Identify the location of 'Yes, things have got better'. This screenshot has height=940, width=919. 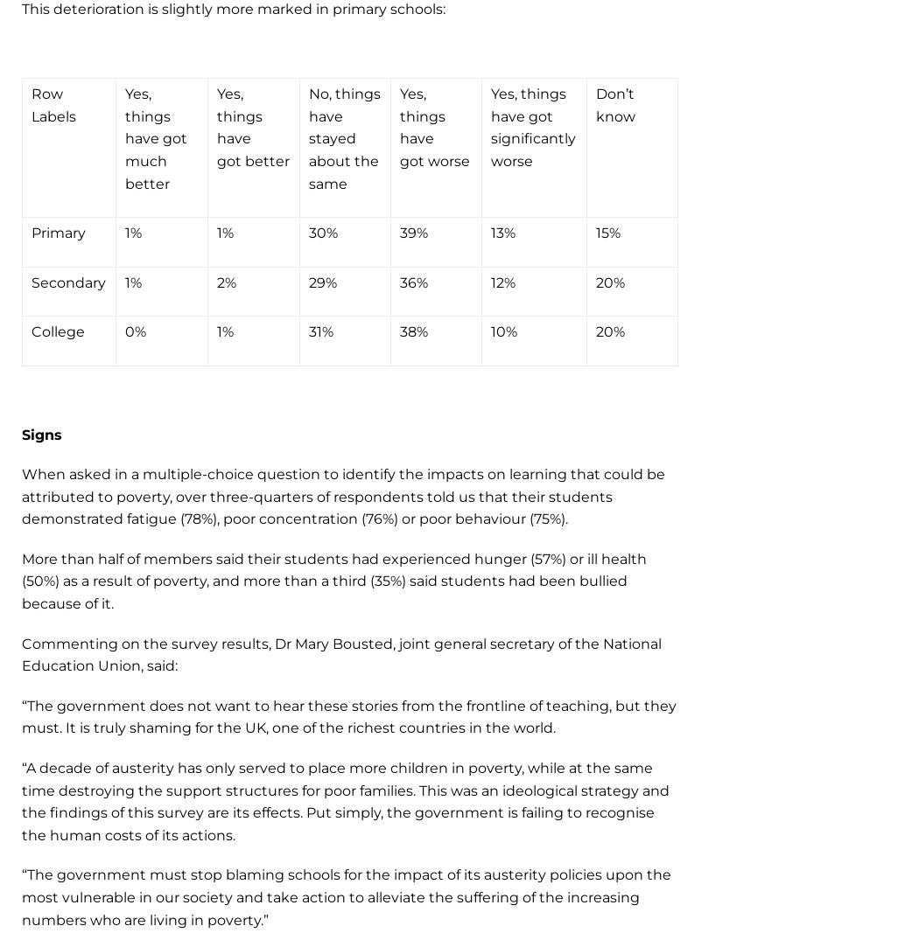
(251, 126).